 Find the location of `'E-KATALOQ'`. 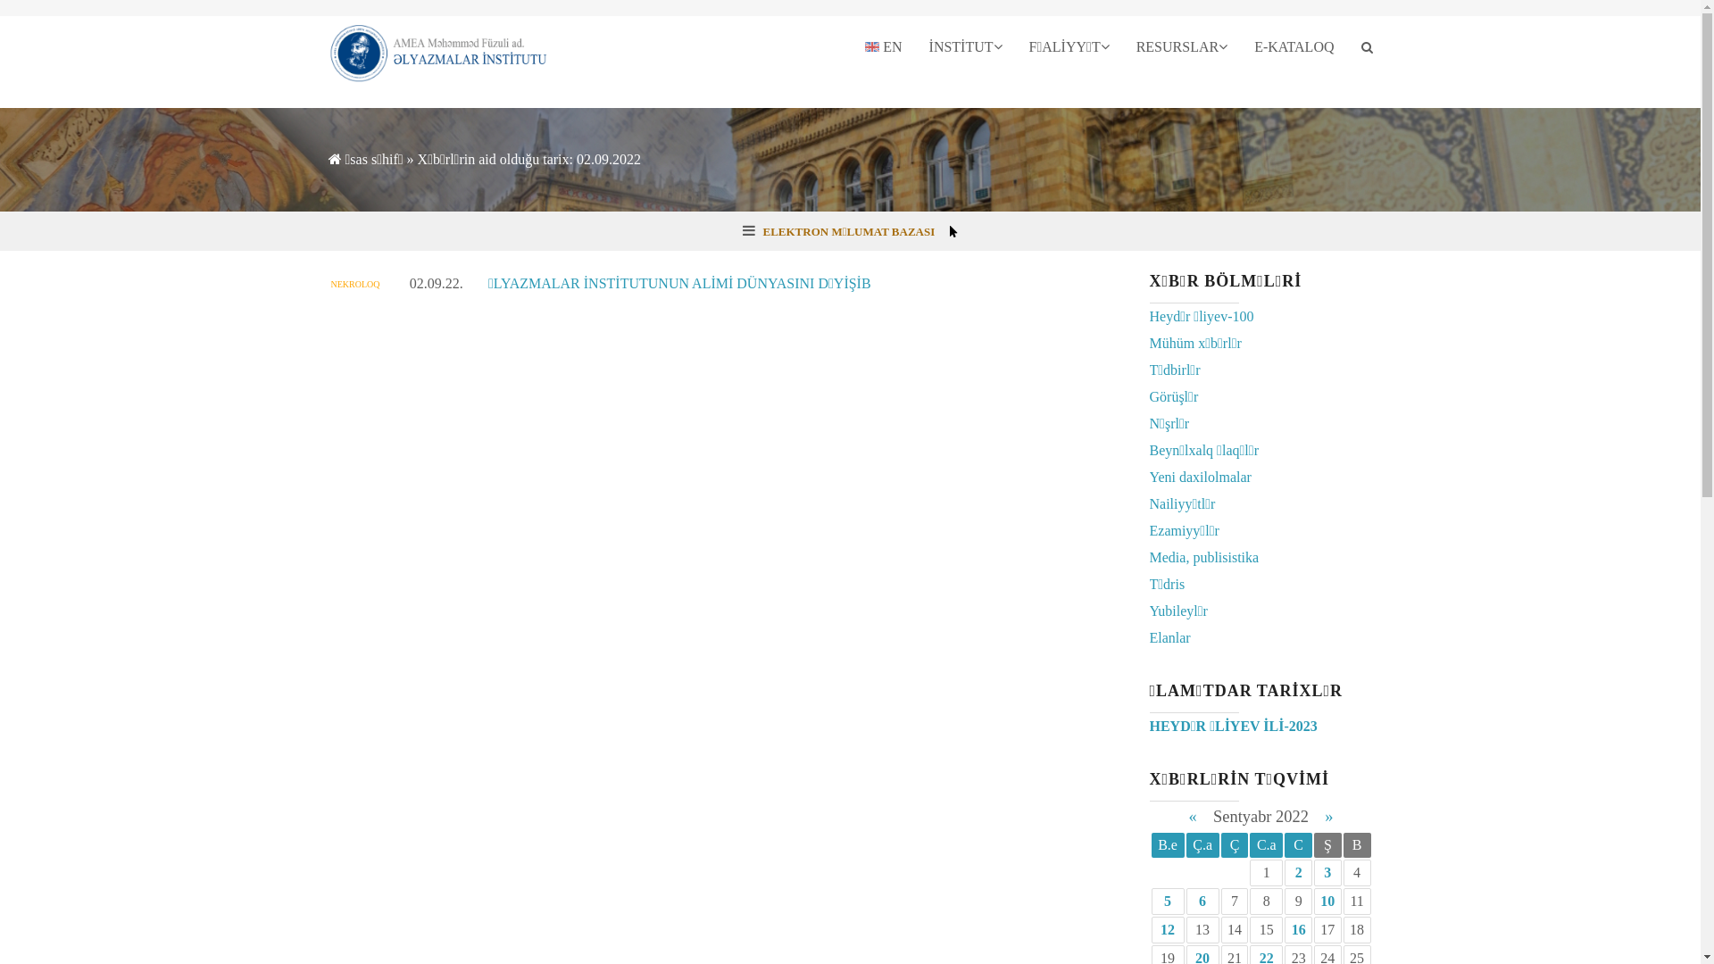

'E-KATALOQ' is located at coordinates (1240, 46).